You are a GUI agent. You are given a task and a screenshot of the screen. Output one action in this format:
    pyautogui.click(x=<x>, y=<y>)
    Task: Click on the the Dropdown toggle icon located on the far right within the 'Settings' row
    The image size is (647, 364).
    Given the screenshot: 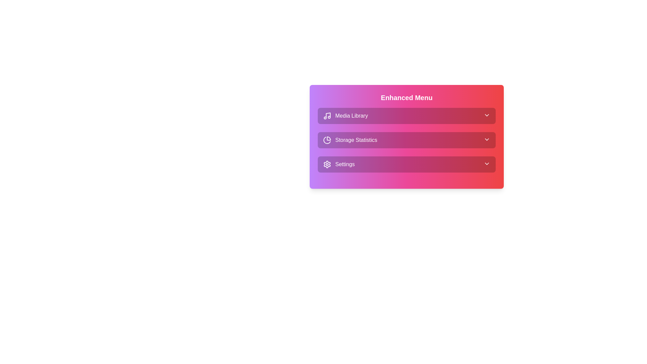 What is the action you would take?
    pyautogui.click(x=487, y=164)
    